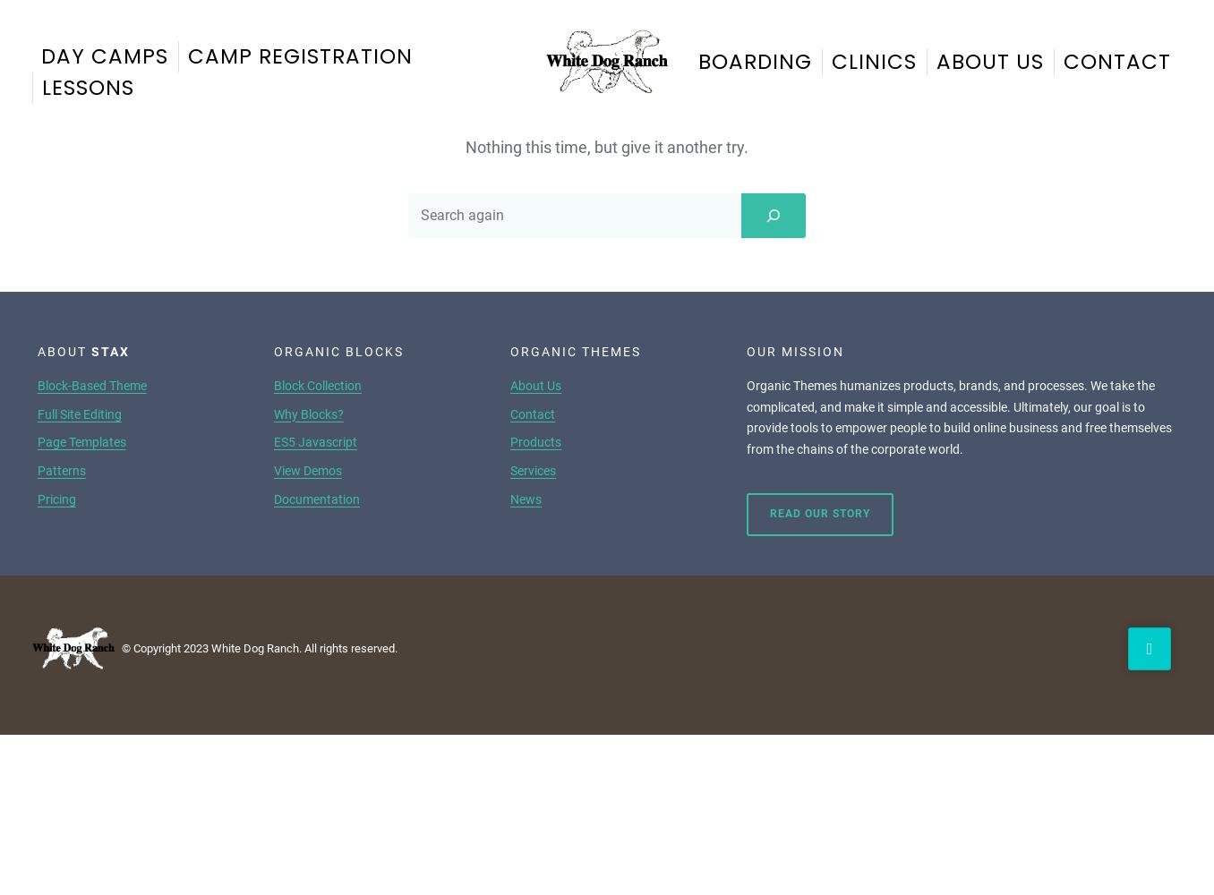 The height and width of the screenshot is (895, 1214). What do you see at coordinates (509, 470) in the screenshot?
I see `'Services'` at bounding box center [509, 470].